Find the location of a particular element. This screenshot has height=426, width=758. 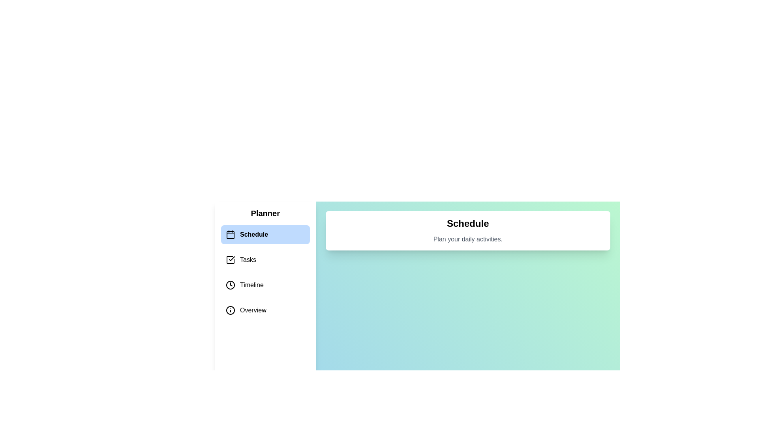

the tab labeled Tasks is located at coordinates (265, 260).